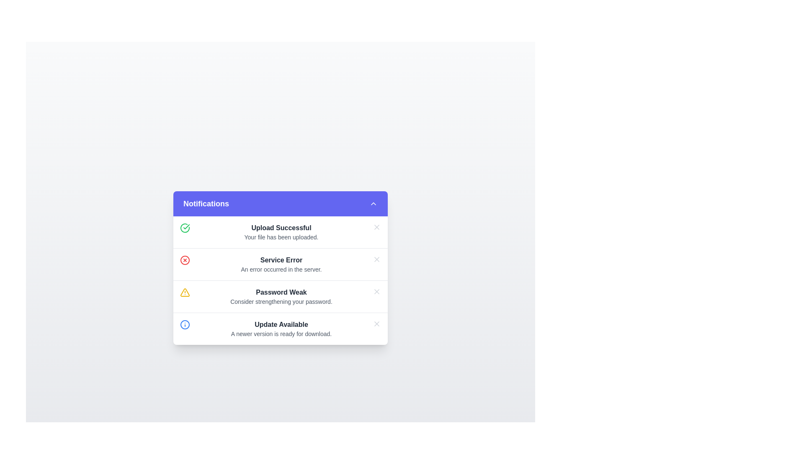  Describe the element at coordinates (184, 324) in the screenshot. I see `the Informational icon located at the start of the last notification item in the Notifications panel` at that location.